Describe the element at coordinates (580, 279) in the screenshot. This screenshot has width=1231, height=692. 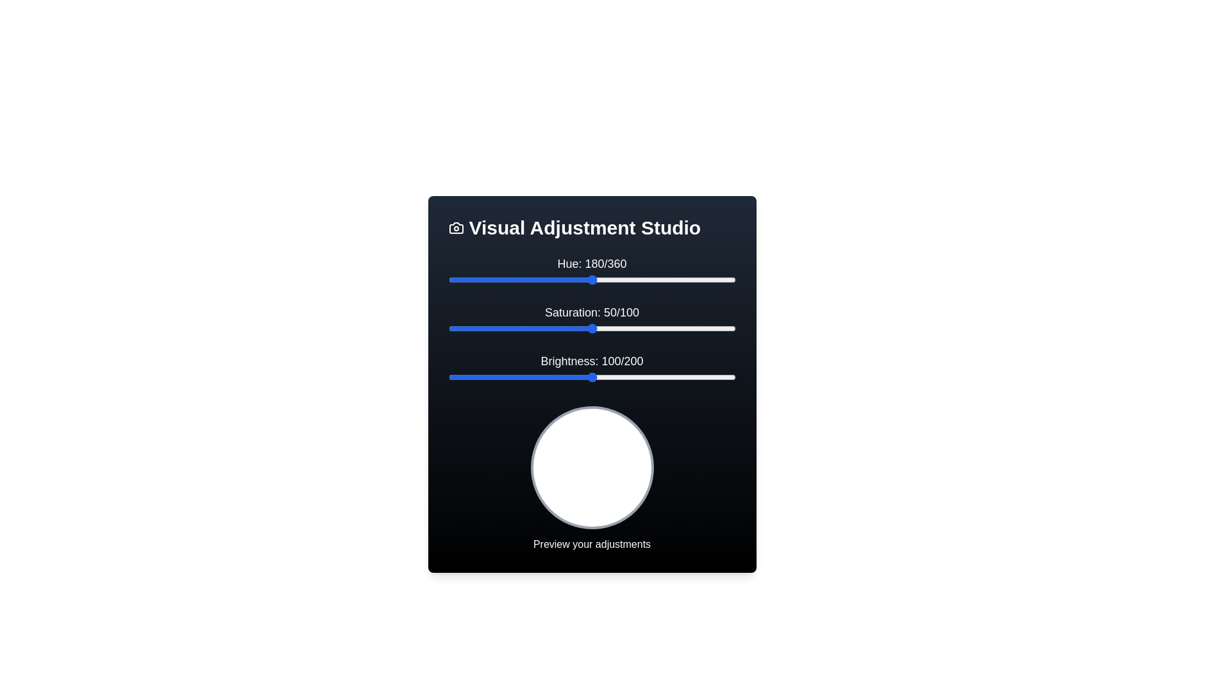
I see `the 'Hue' slider to 166 by dragging the slider` at that location.